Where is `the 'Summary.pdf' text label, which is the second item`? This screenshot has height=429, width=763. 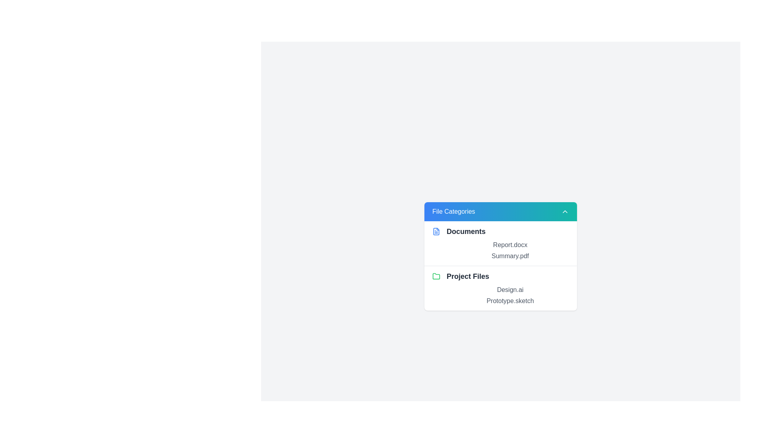 the 'Summary.pdf' text label, which is the second item is located at coordinates (510, 256).